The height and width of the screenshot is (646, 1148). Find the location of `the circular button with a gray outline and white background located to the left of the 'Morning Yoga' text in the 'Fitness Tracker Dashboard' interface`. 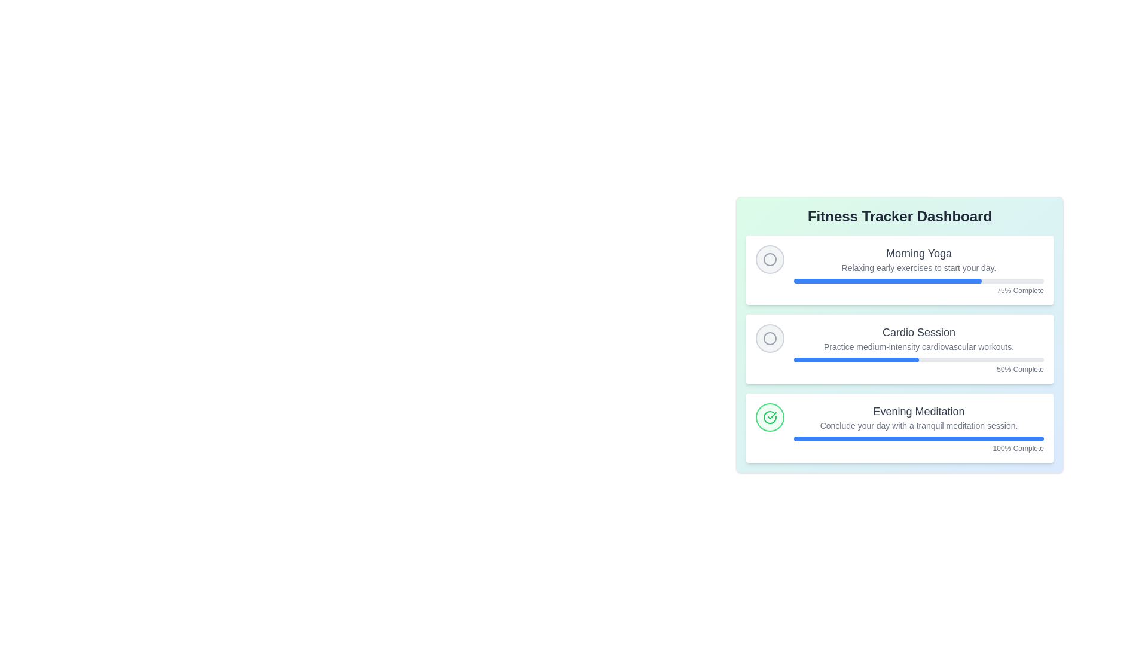

the circular button with a gray outline and white background located to the left of the 'Morning Yoga' text in the 'Fitness Tracker Dashboard' interface is located at coordinates (770, 259).